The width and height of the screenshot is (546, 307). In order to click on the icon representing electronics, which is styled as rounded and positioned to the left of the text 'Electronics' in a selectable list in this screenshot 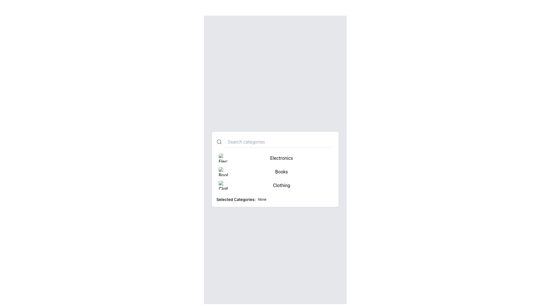, I will do `click(223, 158)`.